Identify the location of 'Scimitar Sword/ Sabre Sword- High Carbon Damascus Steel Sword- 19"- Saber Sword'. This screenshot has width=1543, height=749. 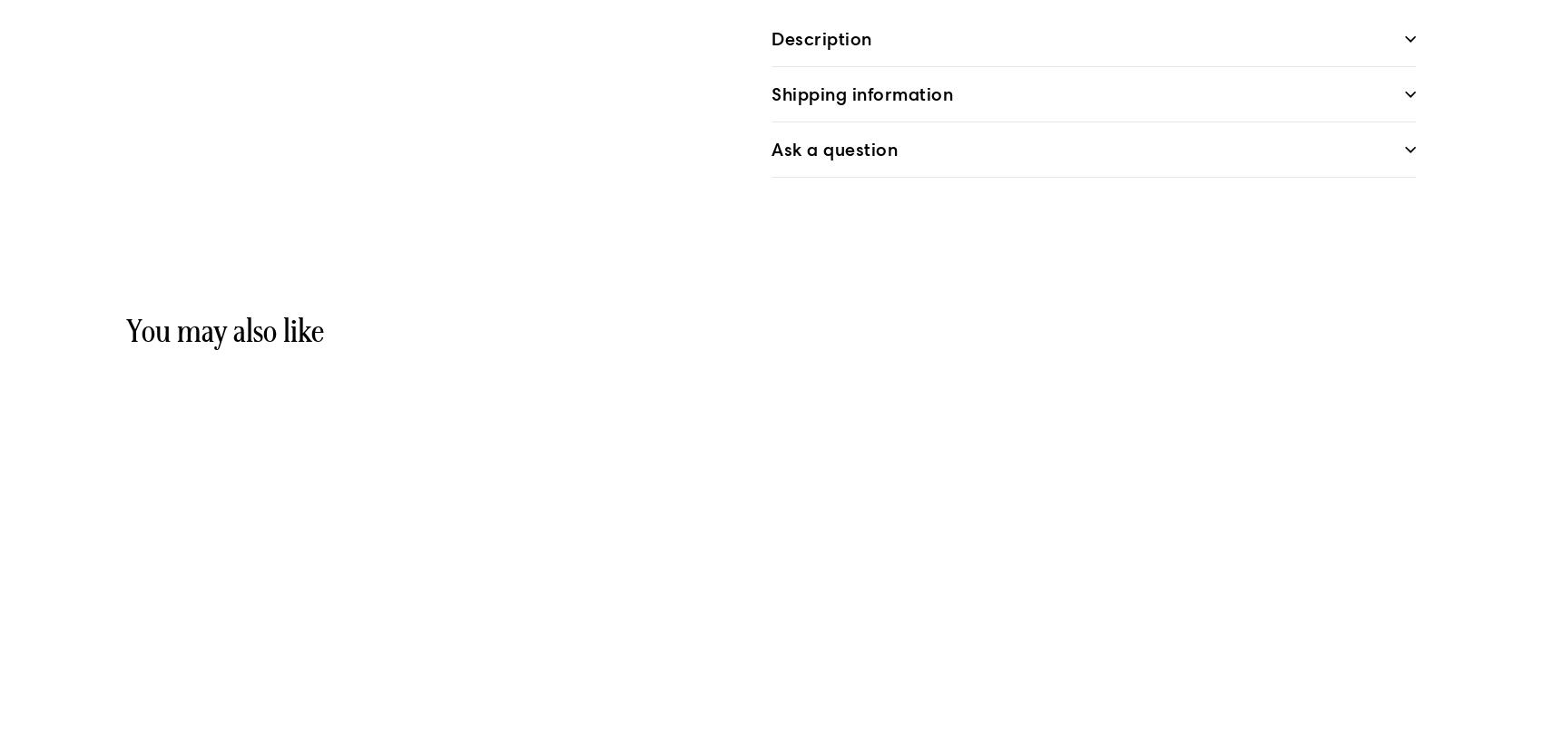
(143, 652).